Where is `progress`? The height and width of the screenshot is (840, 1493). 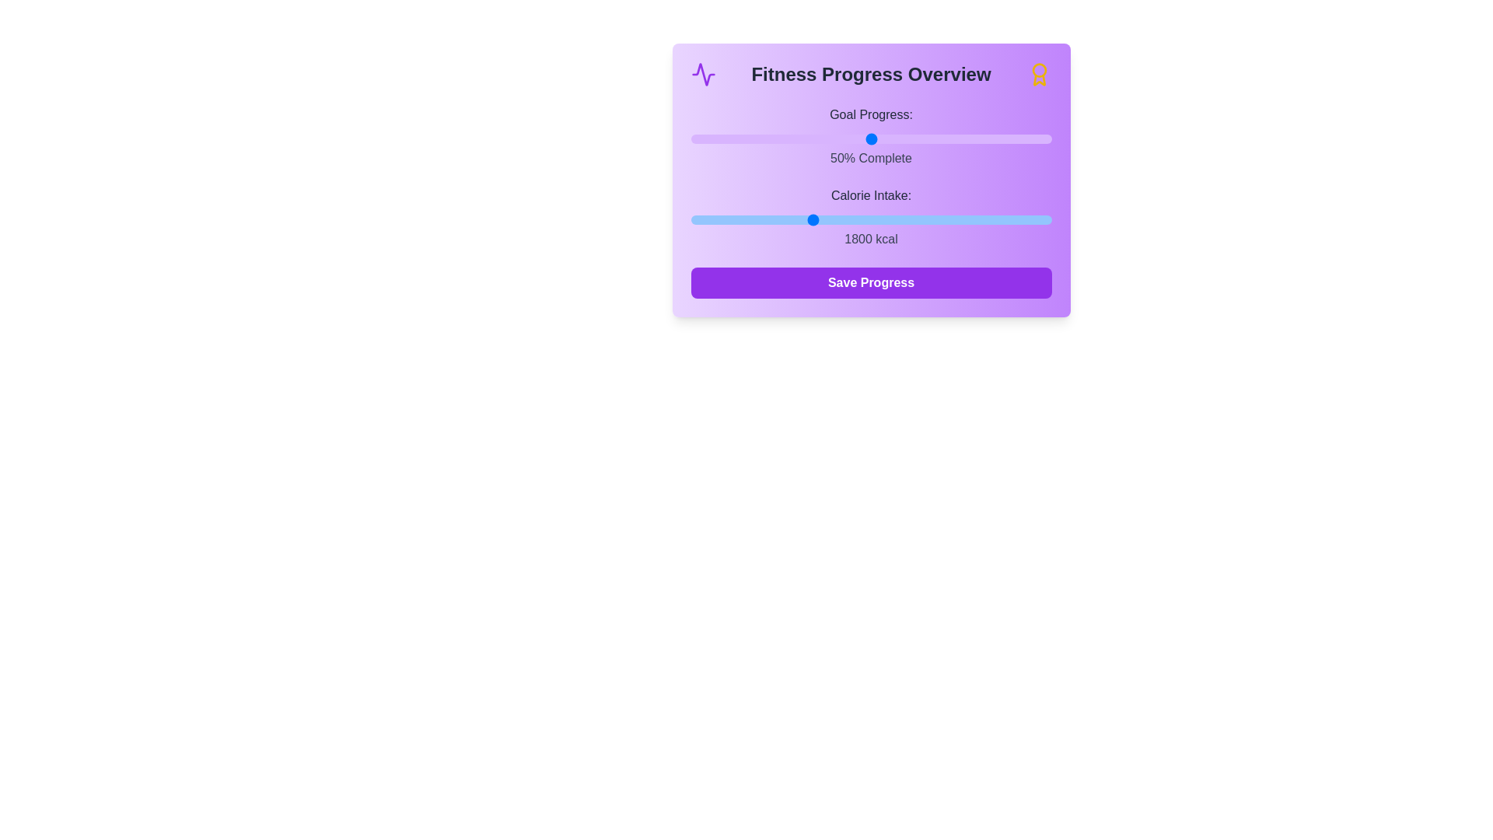 progress is located at coordinates (770, 138).